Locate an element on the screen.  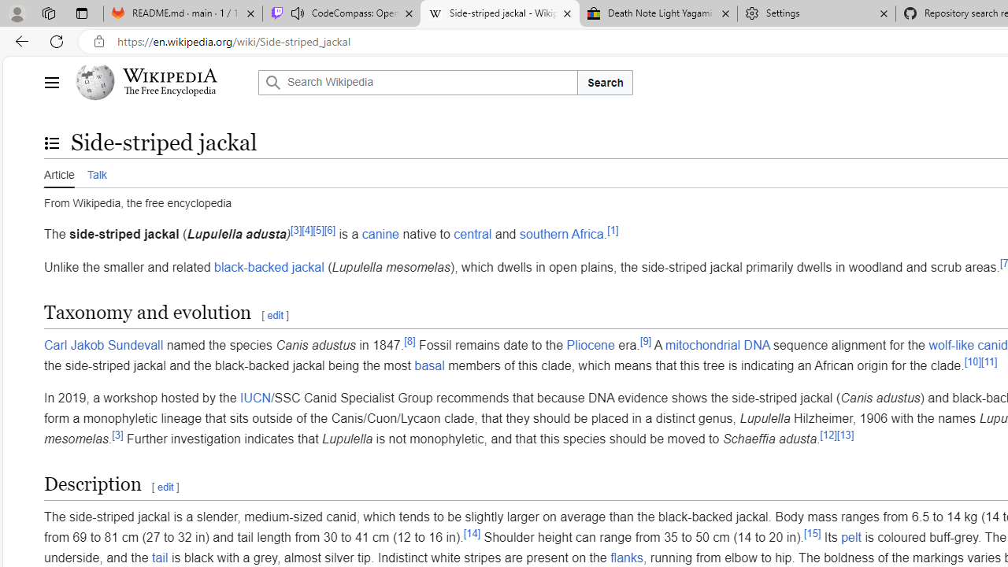
'[15]' is located at coordinates (813, 532).